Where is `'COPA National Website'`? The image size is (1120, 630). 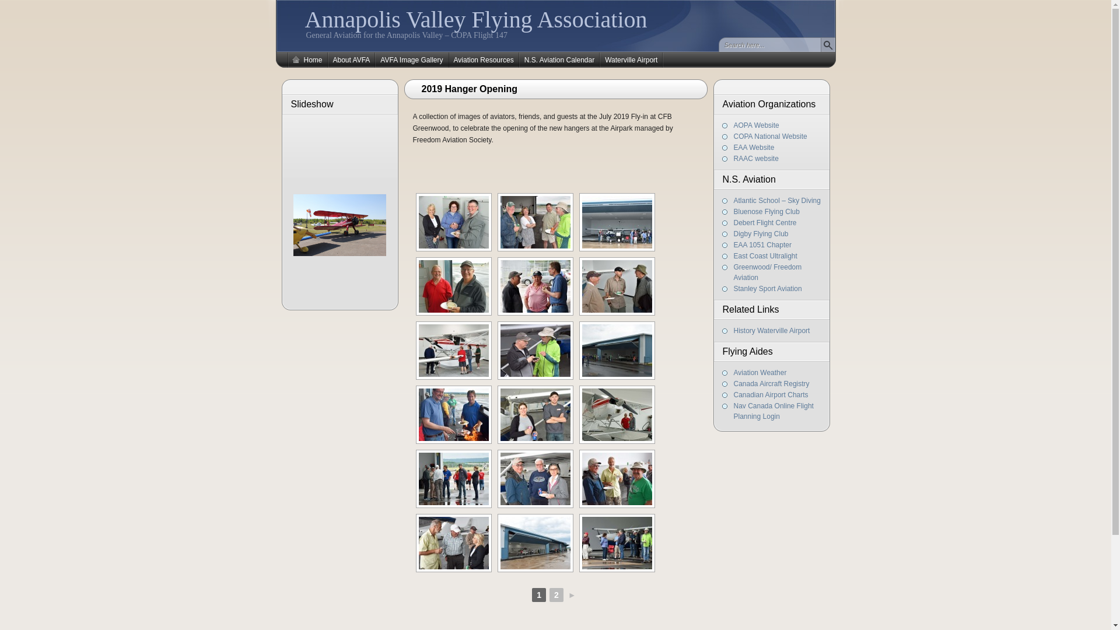
'COPA National Website' is located at coordinates (770, 136).